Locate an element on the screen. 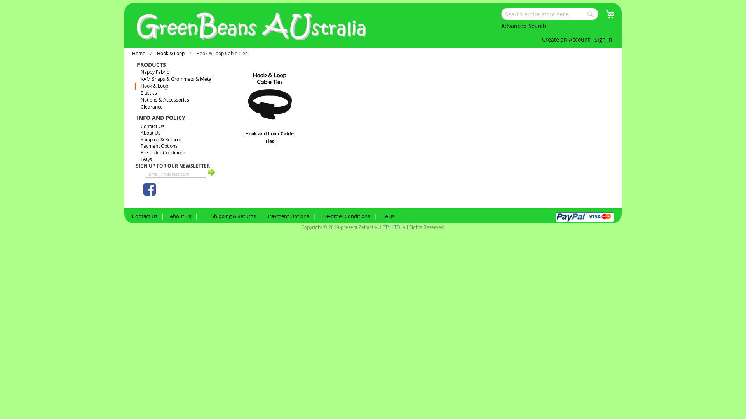 The height and width of the screenshot is (419, 746). 'Notions & Accessories' is located at coordinates (162, 101).